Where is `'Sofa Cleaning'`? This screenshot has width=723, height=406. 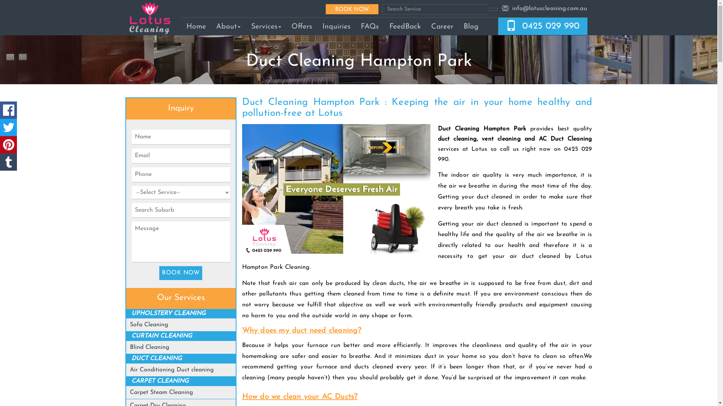
'Sofa Cleaning' is located at coordinates (149, 324).